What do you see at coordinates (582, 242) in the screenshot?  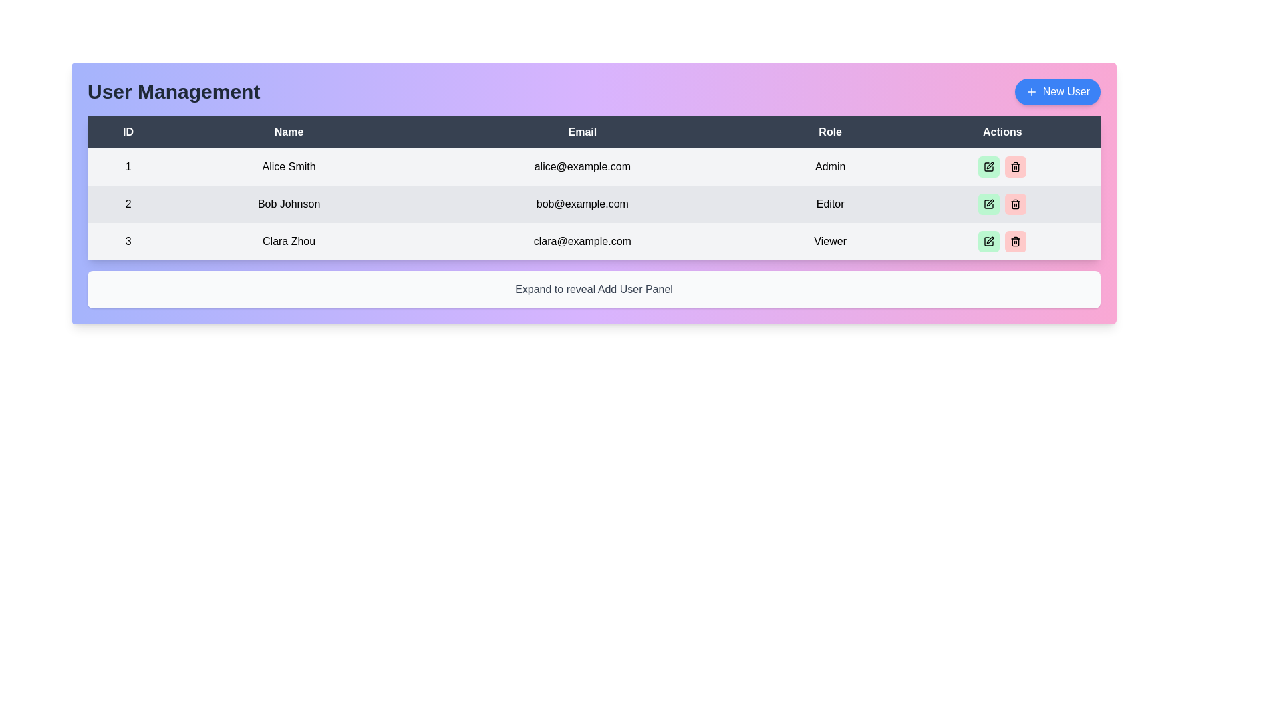 I see `the text element displaying 'clara@example.com' located in the third row of the table under the 'Email' column, positioned between 'Clara Zhou' and 'Viewer'` at bounding box center [582, 242].